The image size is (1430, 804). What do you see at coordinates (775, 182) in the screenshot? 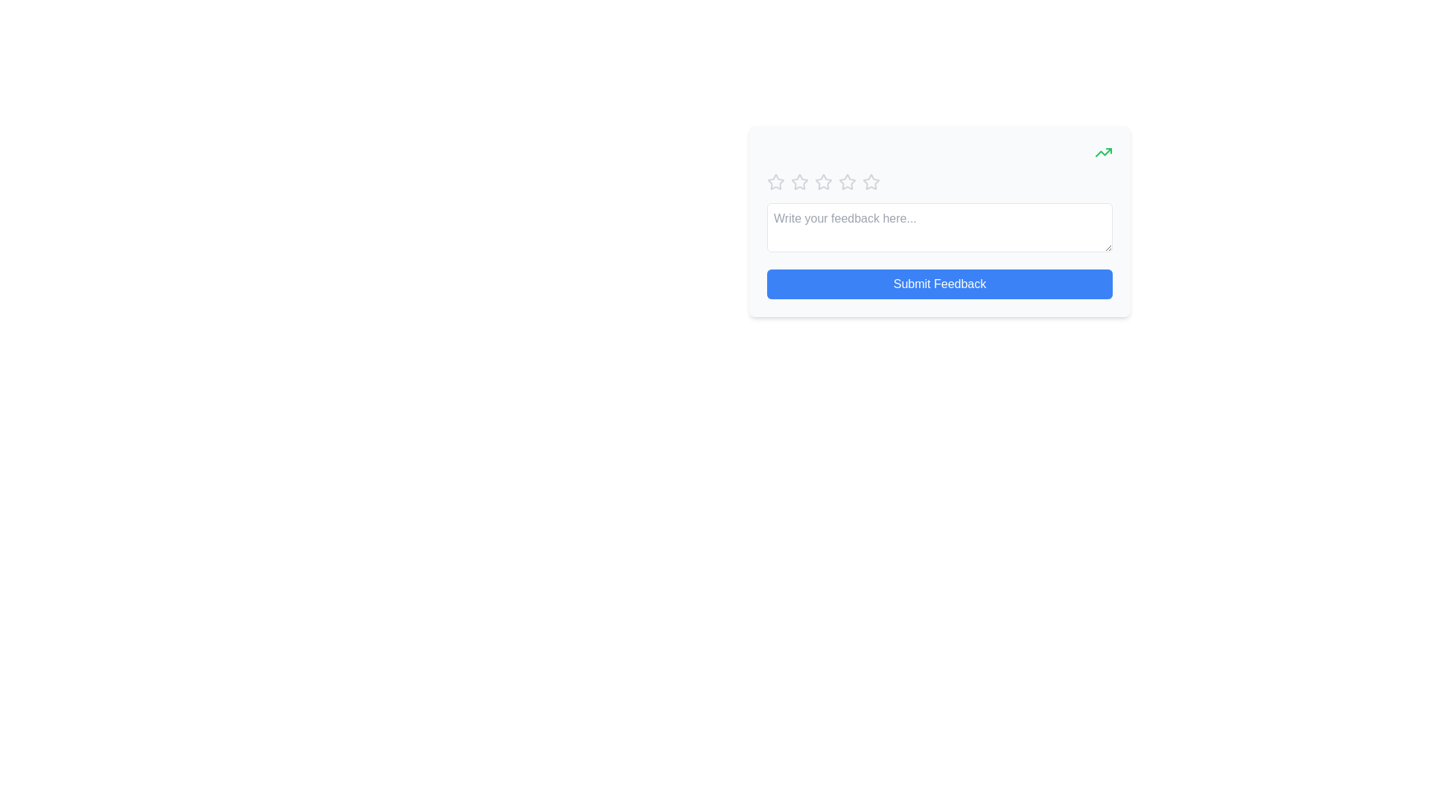
I see `the first star icon in the five-star rating system` at bounding box center [775, 182].